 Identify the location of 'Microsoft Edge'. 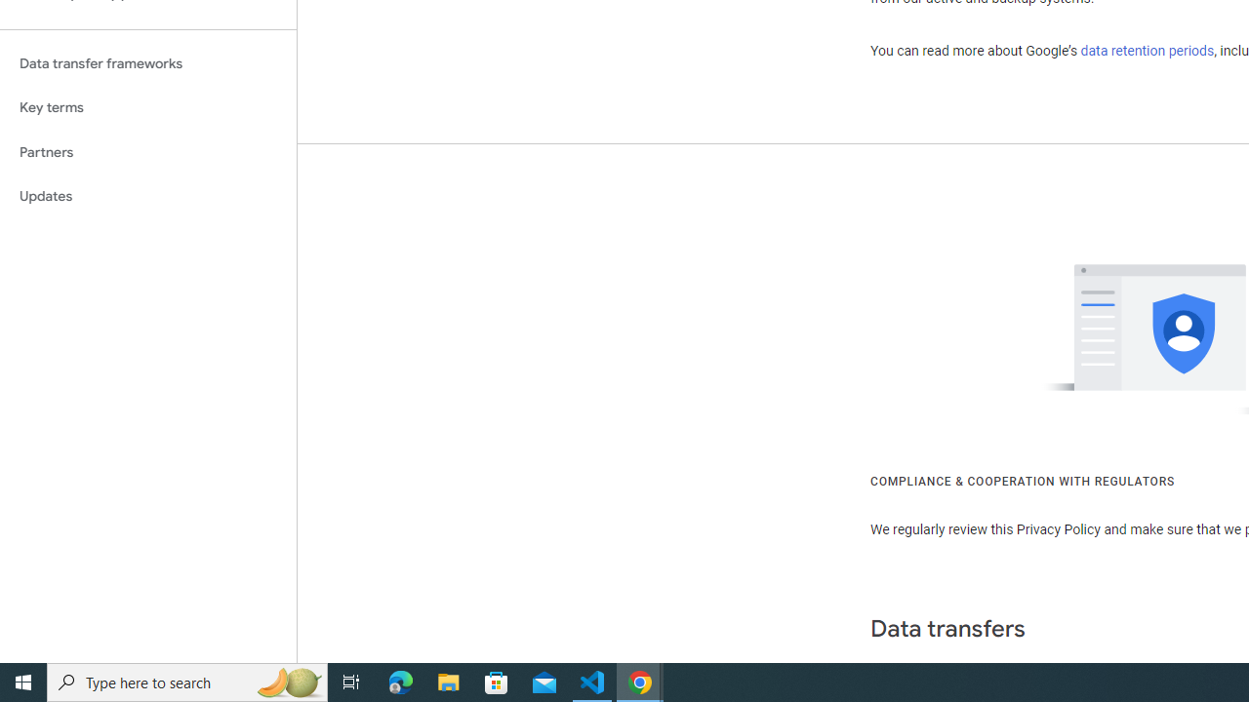
(400, 681).